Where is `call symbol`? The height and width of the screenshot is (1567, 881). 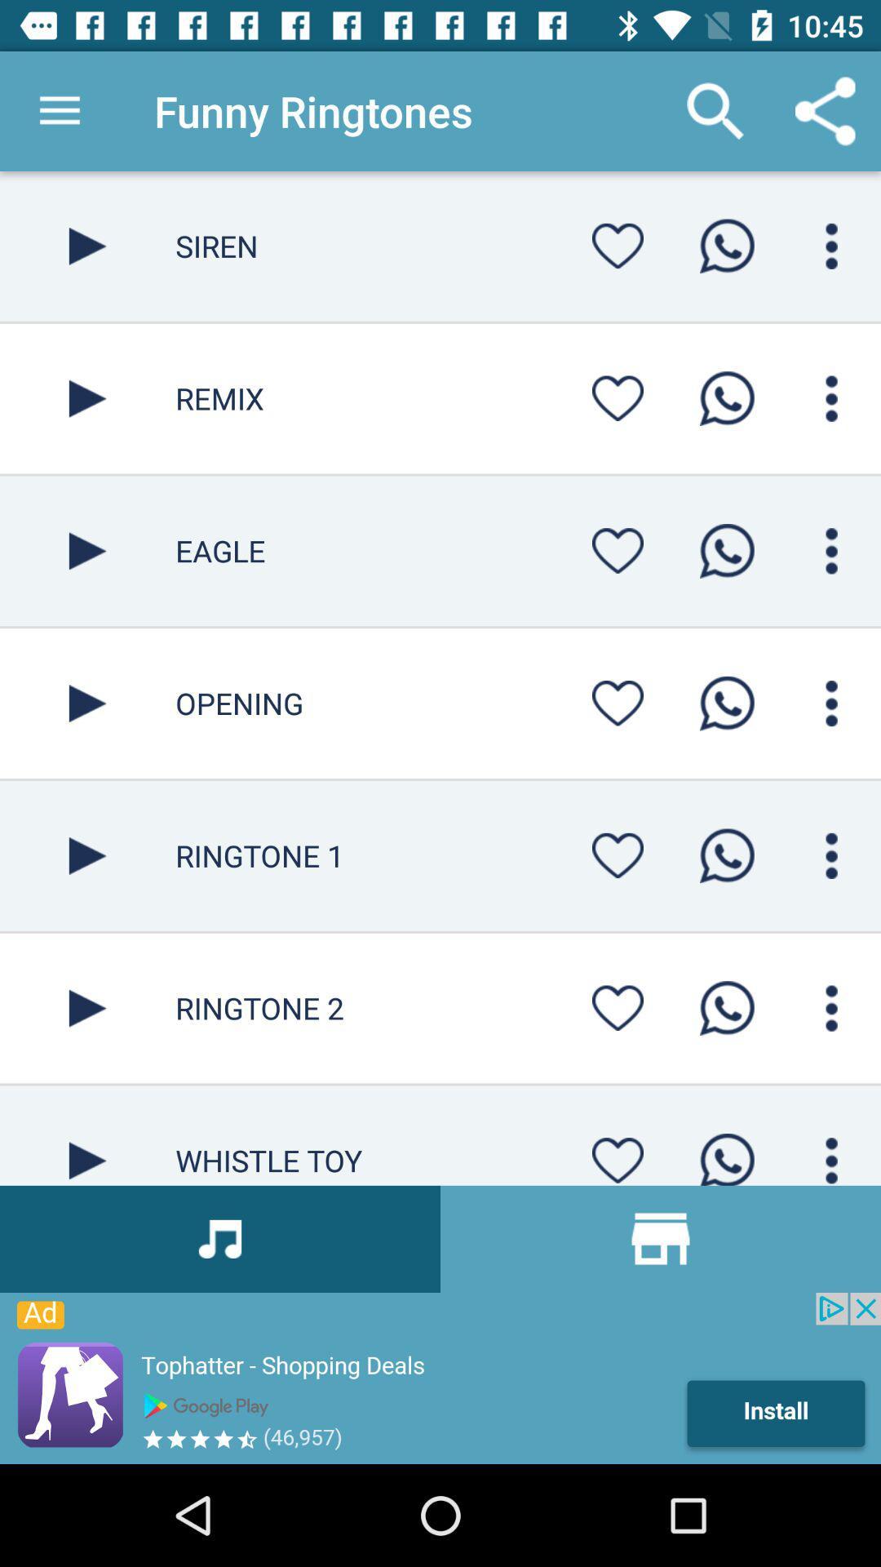
call symbol is located at coordinates (726, 551).